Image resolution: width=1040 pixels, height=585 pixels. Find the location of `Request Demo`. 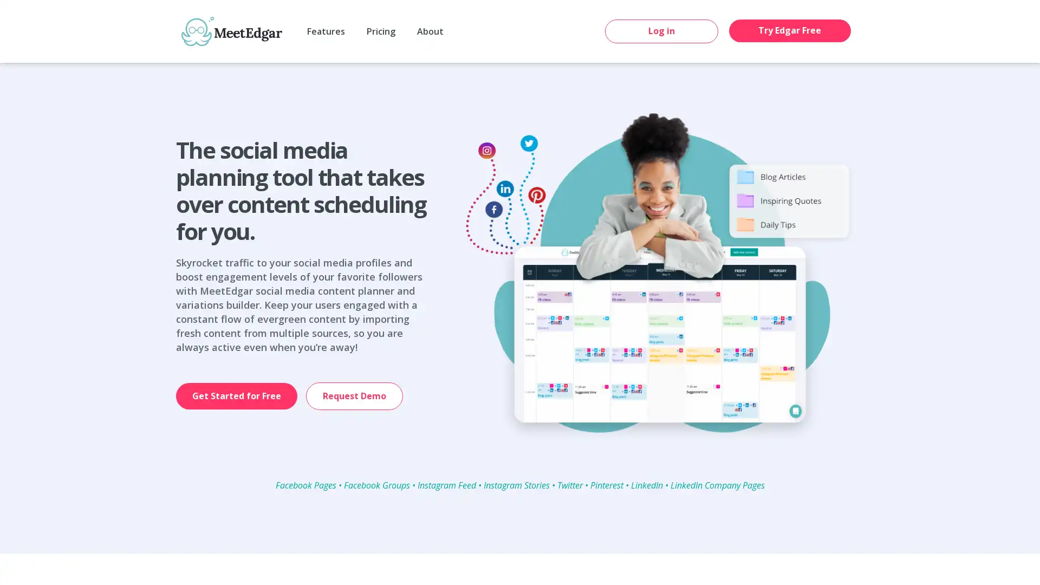

Request Demo is located at coordinates (354, 396).